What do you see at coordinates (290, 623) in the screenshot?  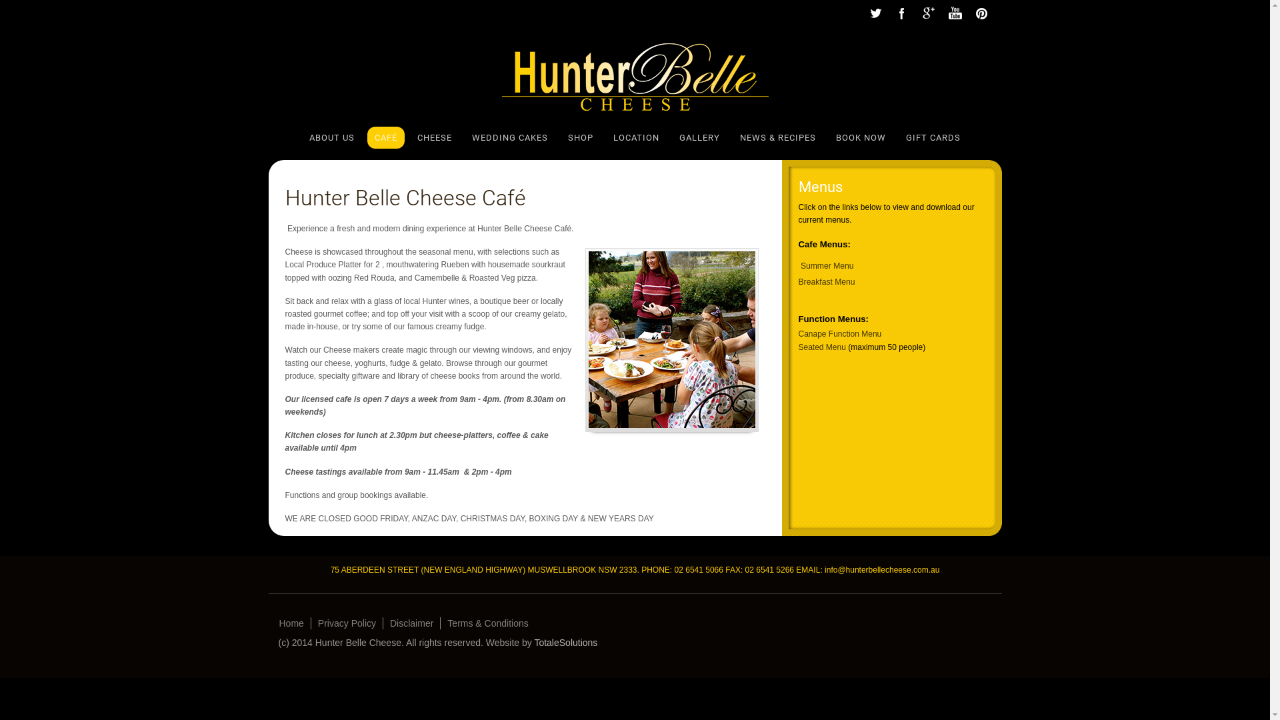 I see `'Home'` at bounding box center [290, 623].